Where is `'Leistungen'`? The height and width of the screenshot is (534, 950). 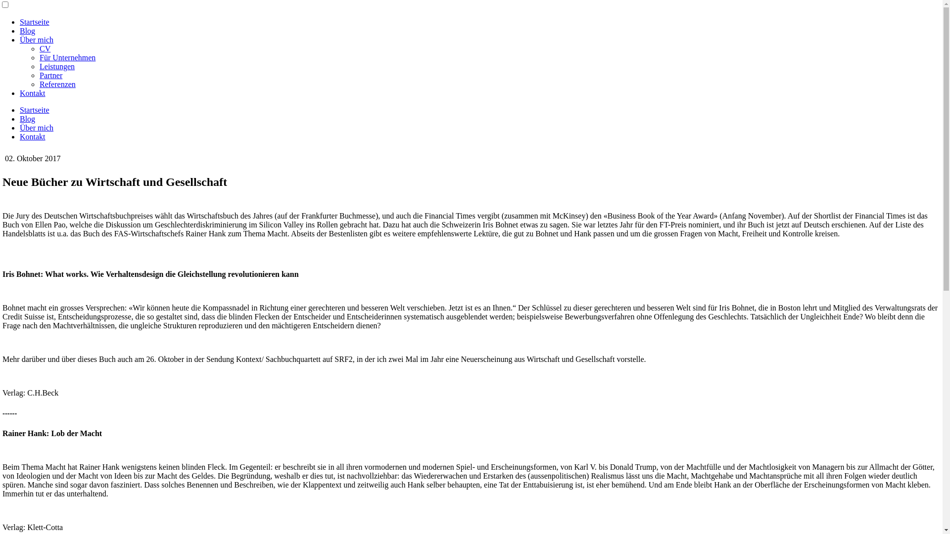 'Leistungen' is located at coordinates (56, 66).